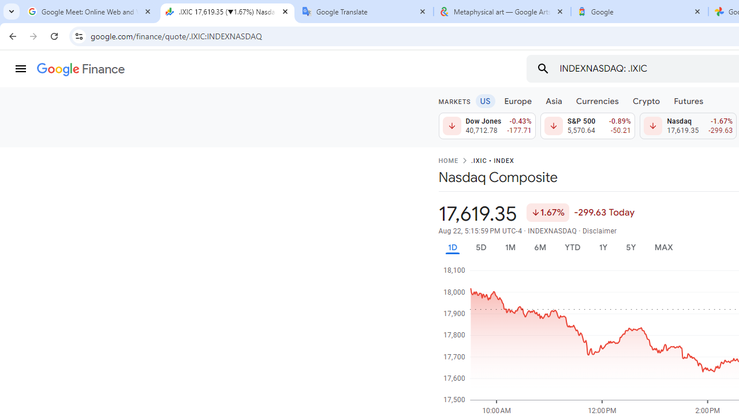 The image size is (739, 416). Describe the element at coordinates (639, 12) in the screenshot. I see `'Google'` at that location.